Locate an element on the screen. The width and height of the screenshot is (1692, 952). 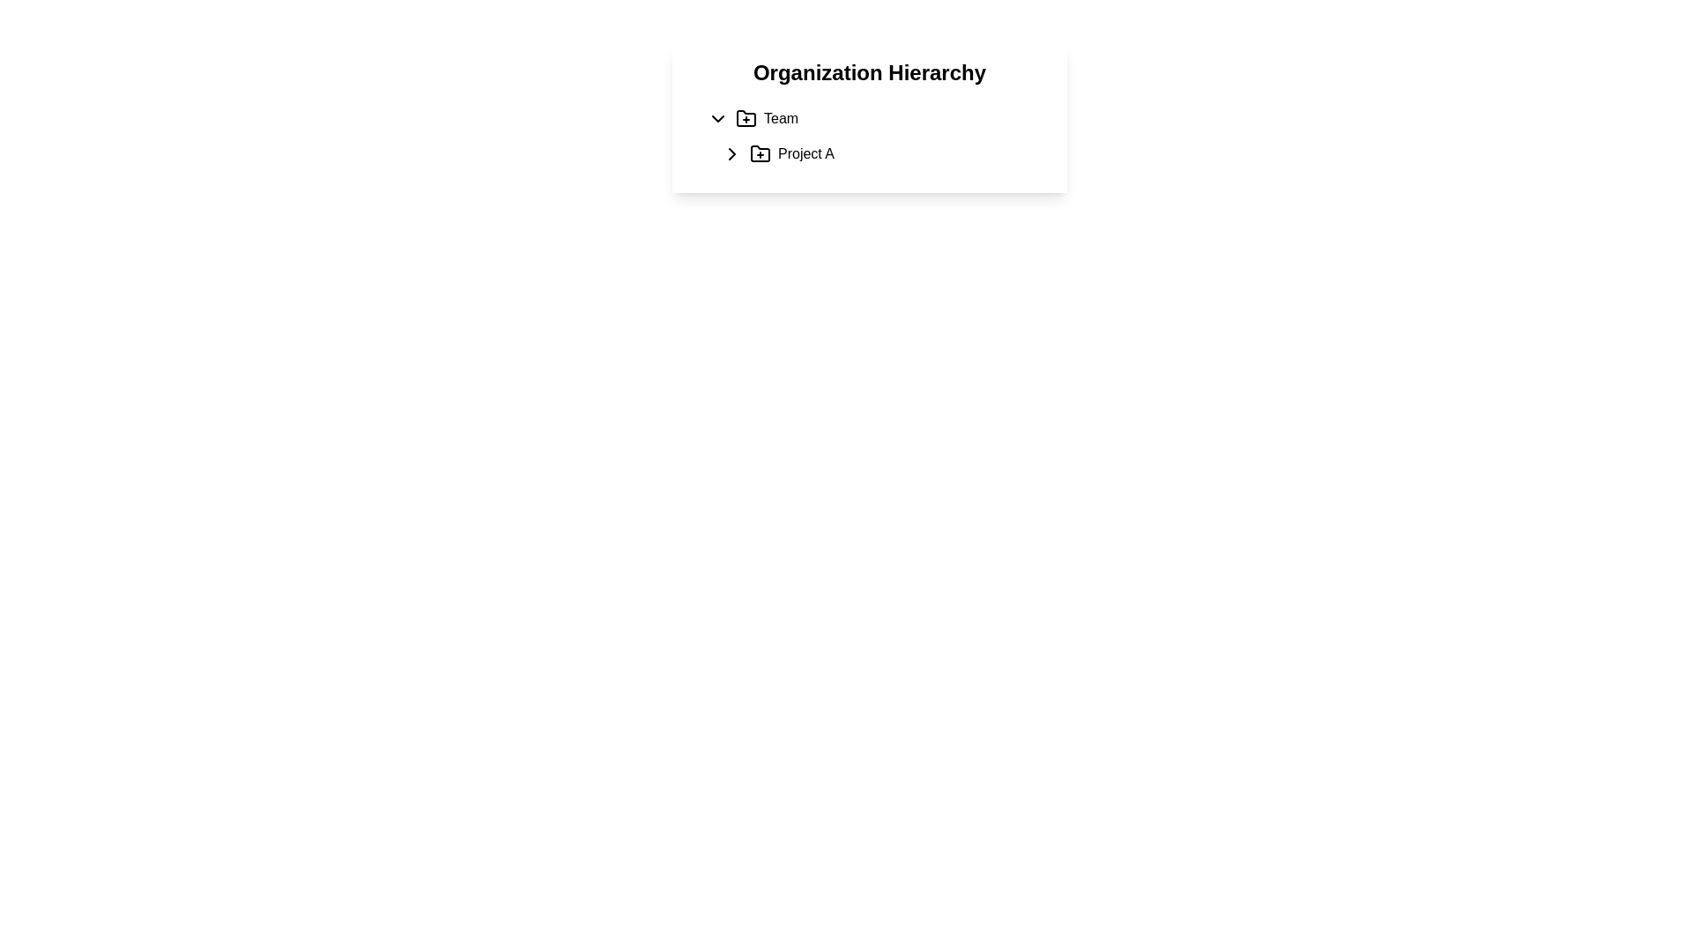
the downward-pointing chevron icon button, which is styled with a black outline and located to the left of the 'Team' text label is located at coordinates (718, 119).